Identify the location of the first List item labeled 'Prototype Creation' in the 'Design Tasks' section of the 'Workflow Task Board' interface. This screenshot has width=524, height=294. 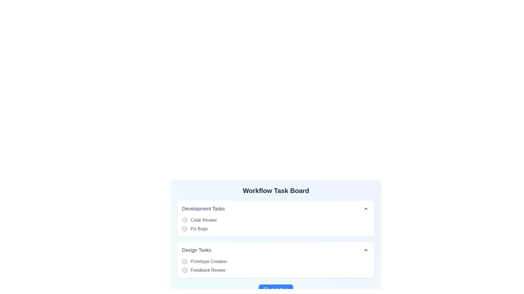
(276, 265).